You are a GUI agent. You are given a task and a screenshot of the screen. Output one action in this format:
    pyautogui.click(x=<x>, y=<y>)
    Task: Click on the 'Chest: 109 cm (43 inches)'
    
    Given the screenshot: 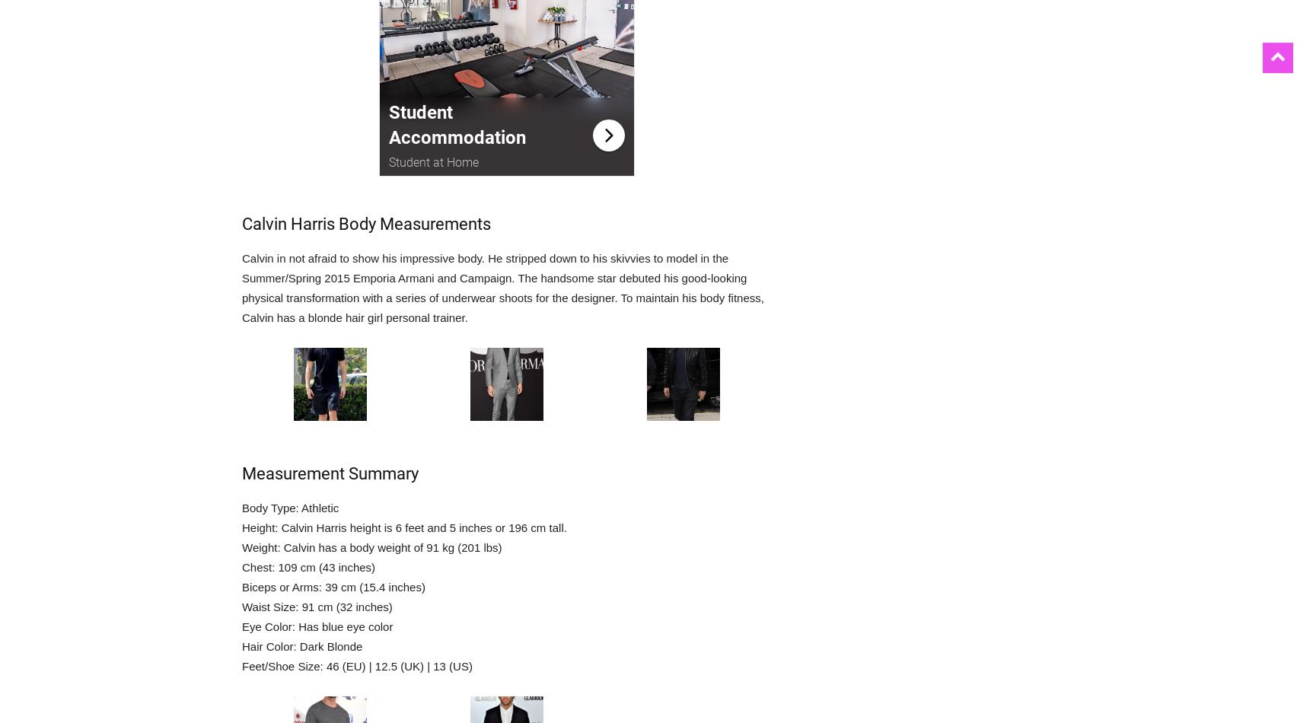 What is the action you would take?
    pyautogui.click(x=308, y=566)
    